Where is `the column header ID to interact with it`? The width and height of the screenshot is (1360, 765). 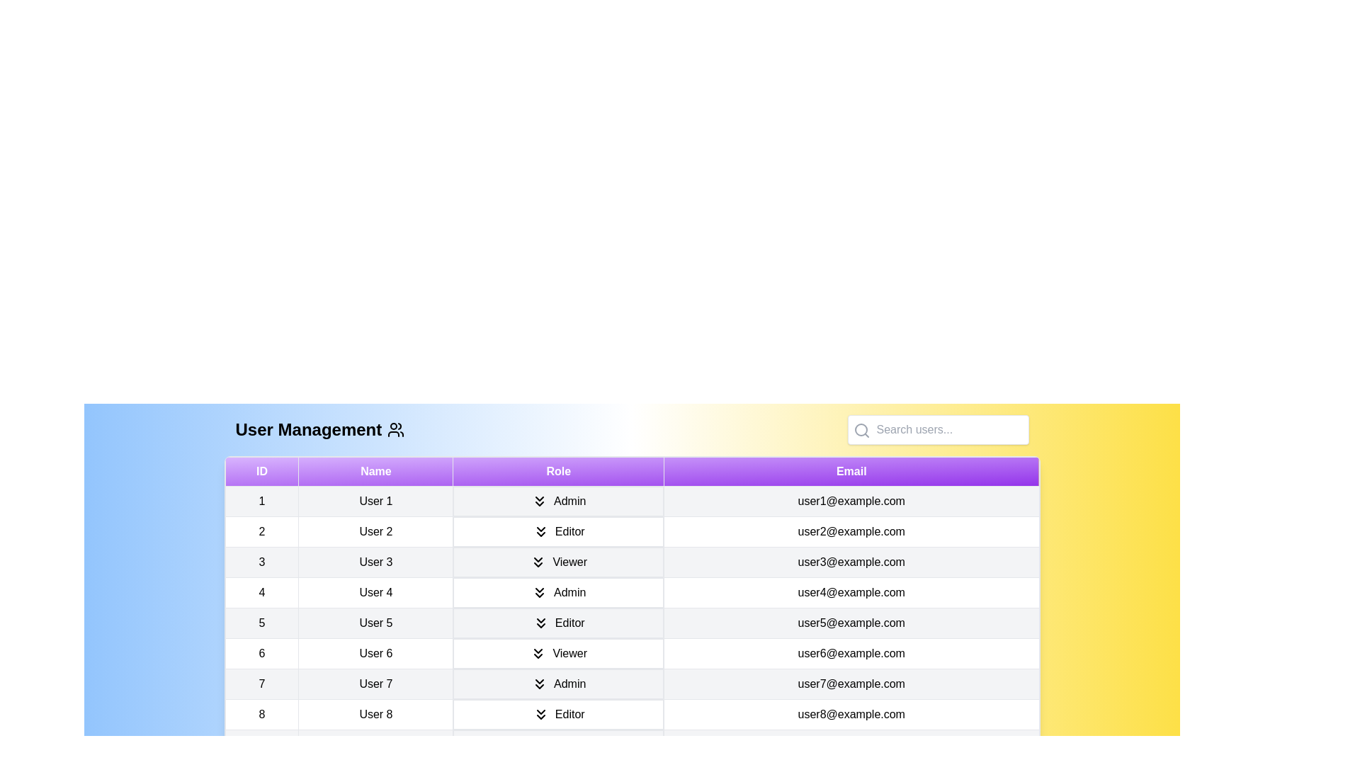
the column header ID to interact with it is located at coordinates (261, 472).